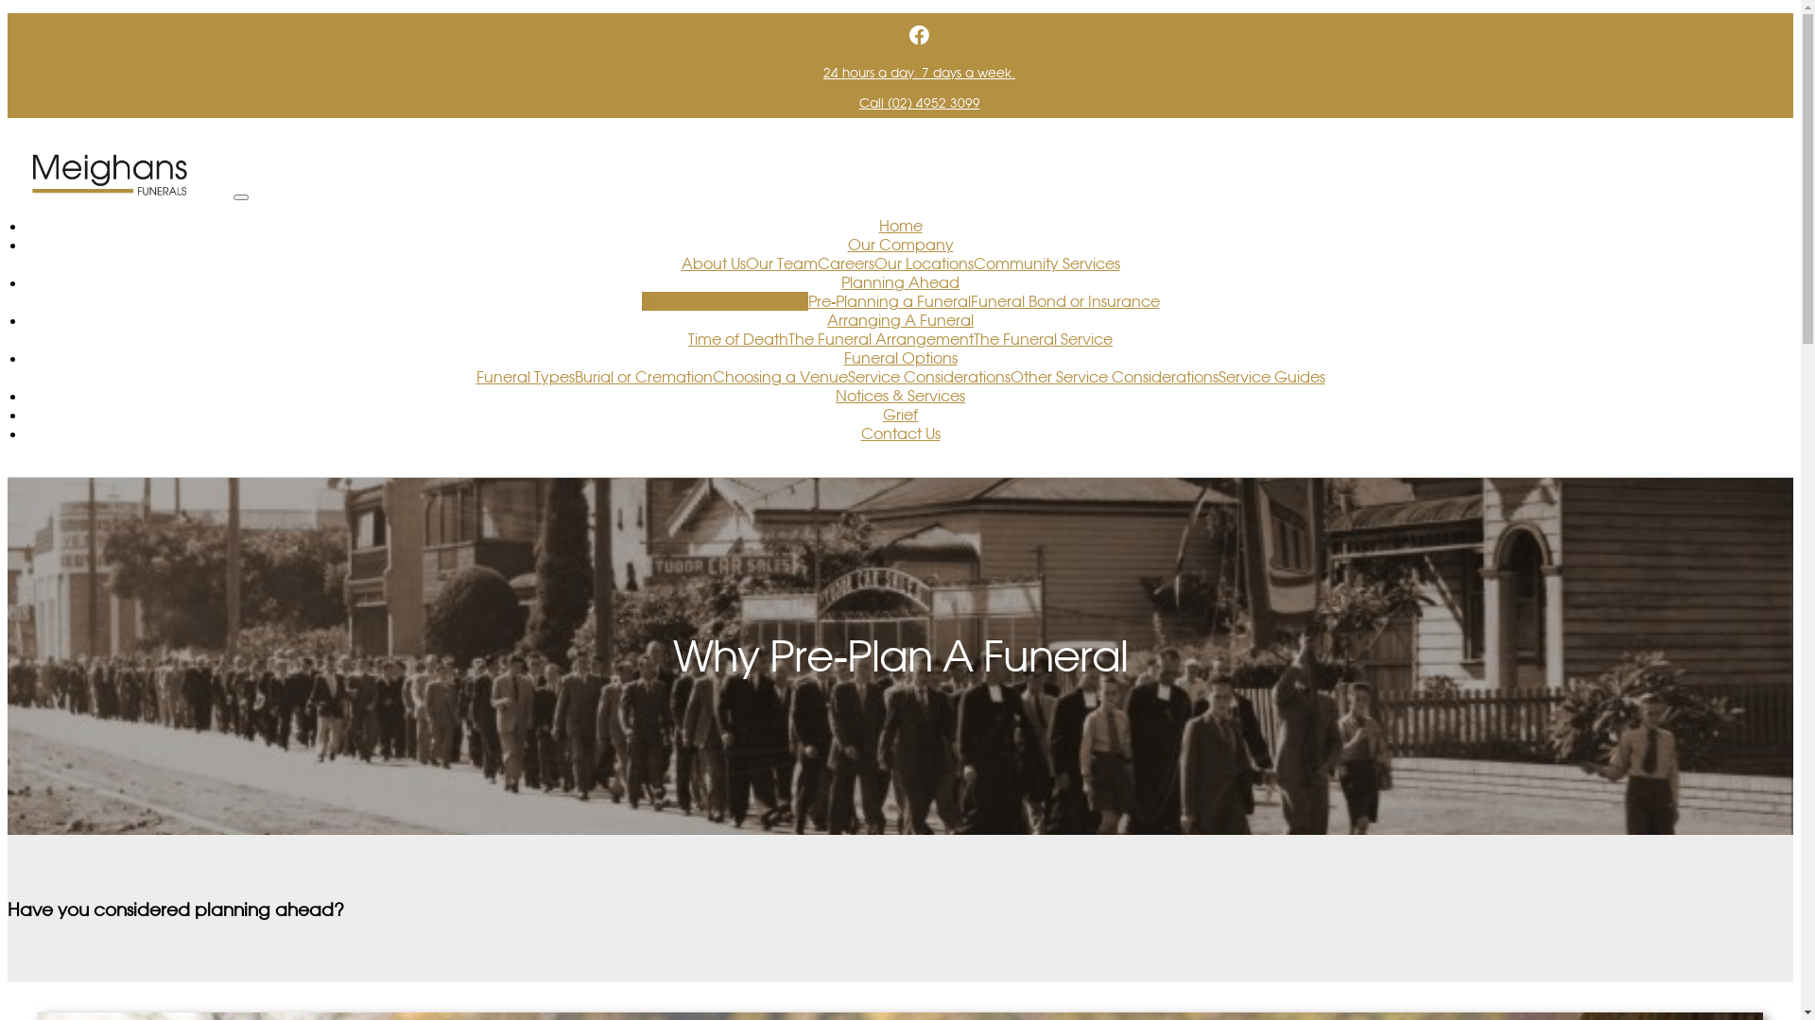  What do you see at coordinates (780, 263) in the screenshot?
I see `'Our Team'` at bounding box center [780, 263].